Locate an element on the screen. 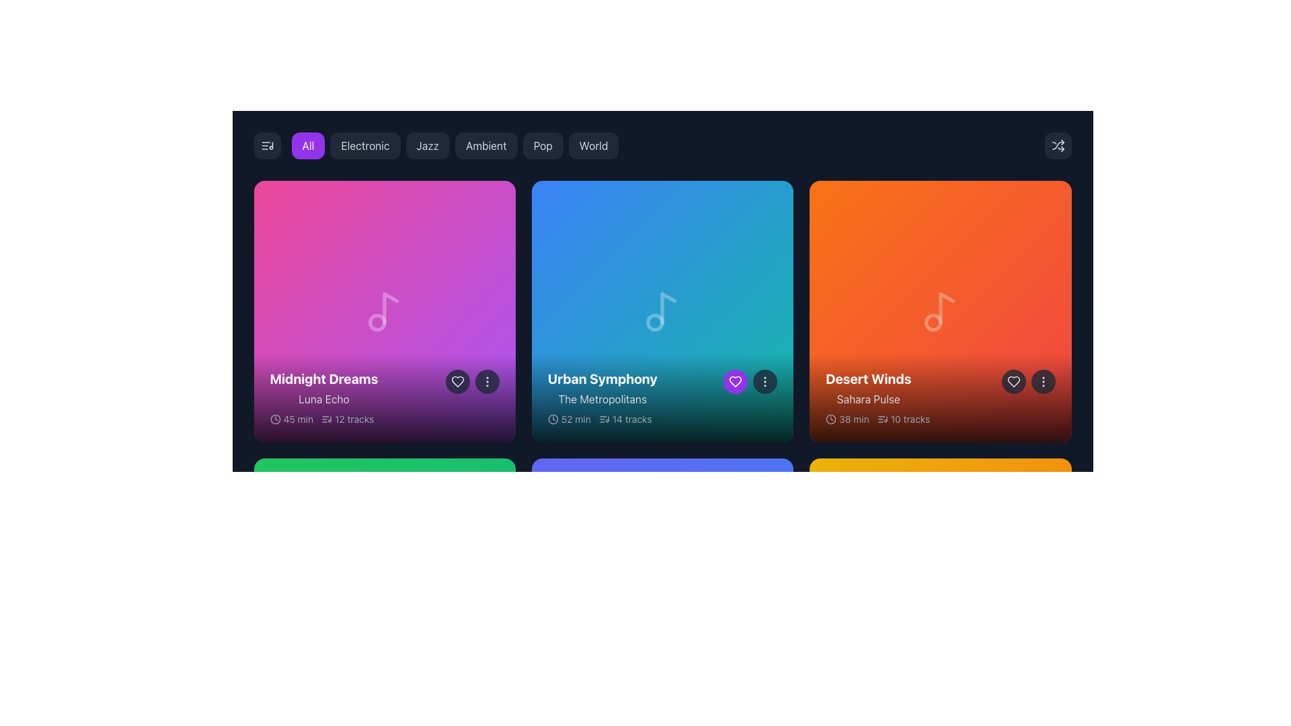 This screenshot has width=1291, height=726. the circular clock icon located to the left of the text '52 min' within the second card titled 'Urban Symphony' is located at coordinates (553, 419).